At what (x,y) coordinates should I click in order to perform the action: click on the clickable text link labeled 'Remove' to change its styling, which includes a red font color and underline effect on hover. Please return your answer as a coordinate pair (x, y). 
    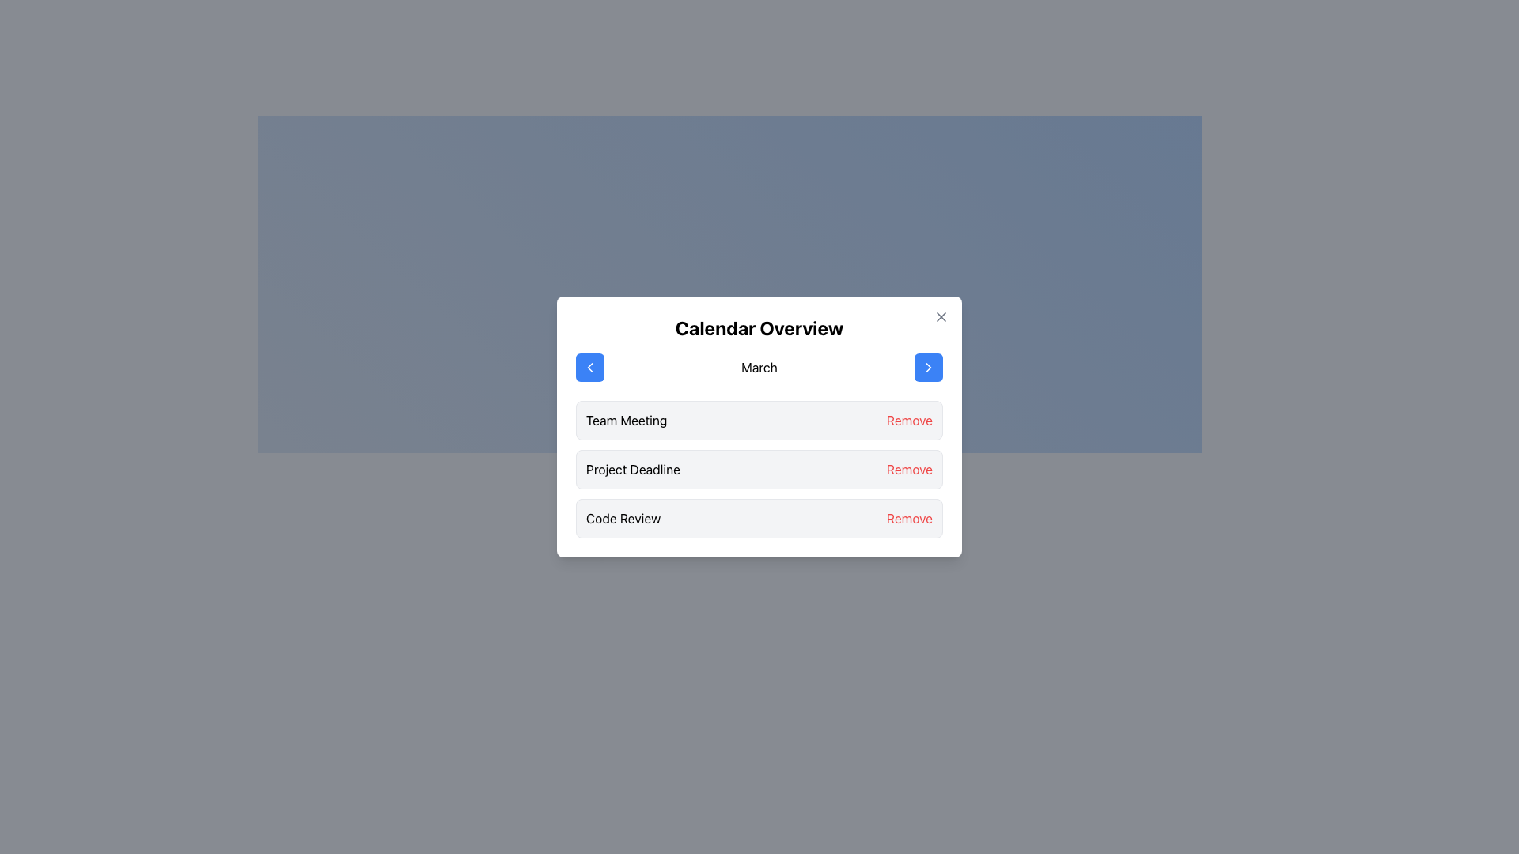
    Looking at the image, I should click on (909, 469).